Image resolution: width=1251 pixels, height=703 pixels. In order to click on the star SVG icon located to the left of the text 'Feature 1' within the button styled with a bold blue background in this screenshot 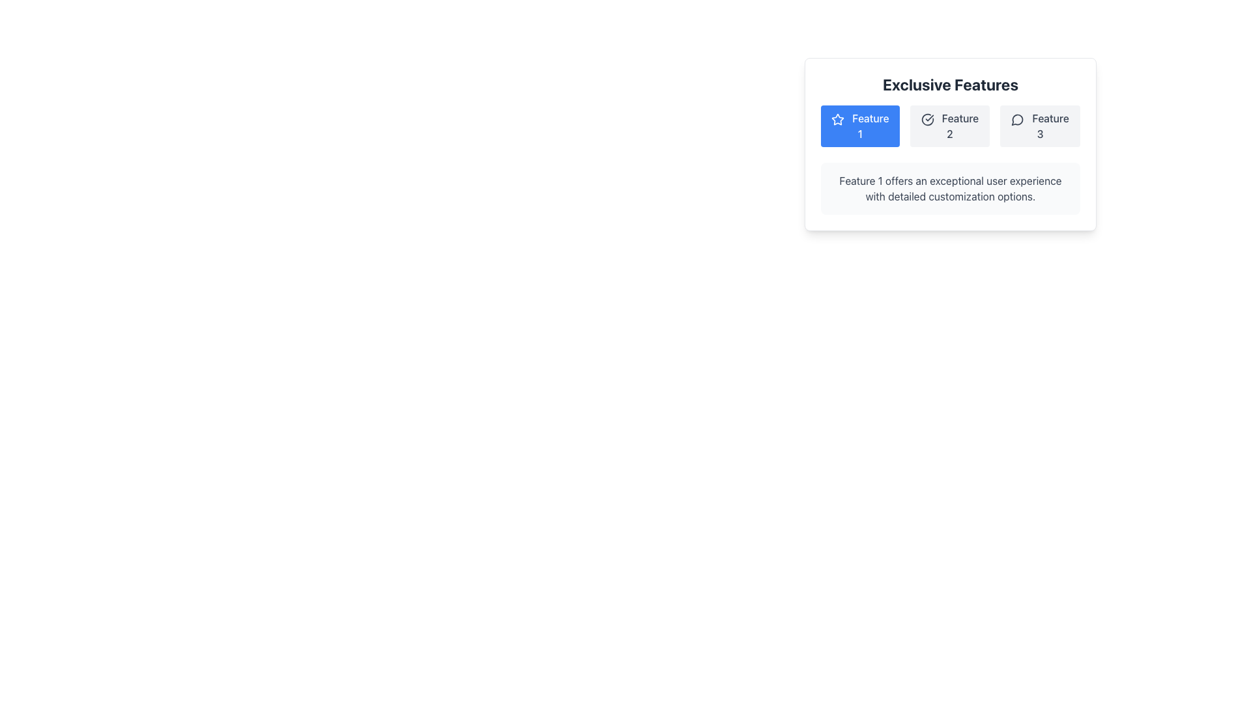, I will do `click(838, 118)`.